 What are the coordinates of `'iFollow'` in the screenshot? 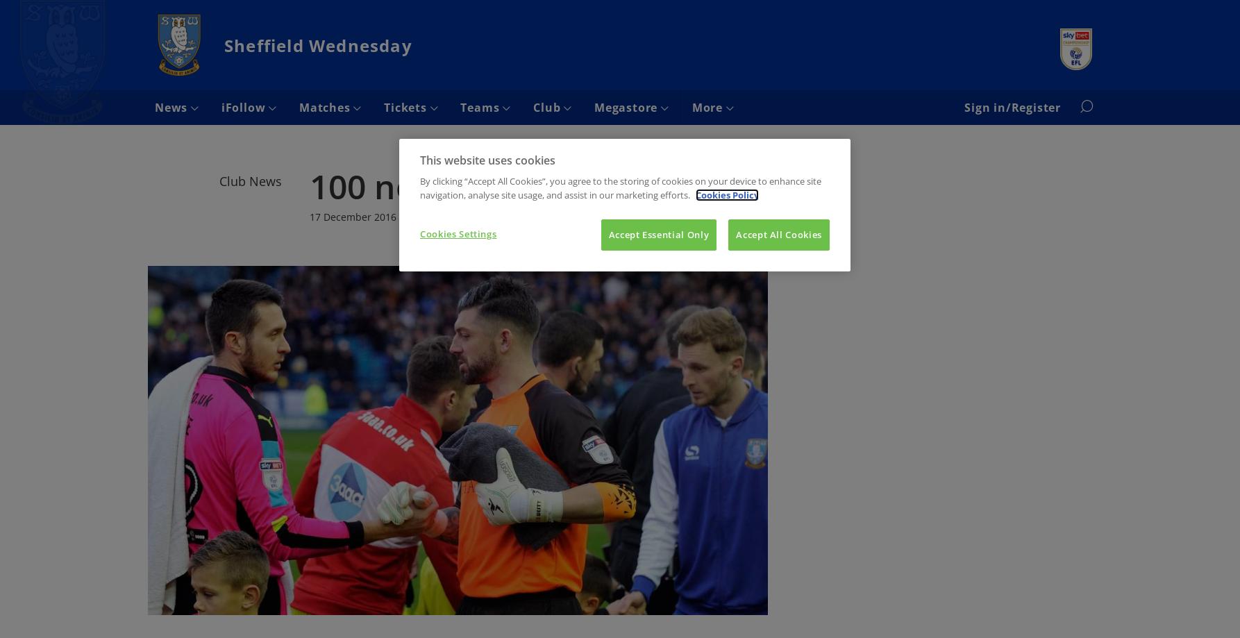 It's located at (244, 107).